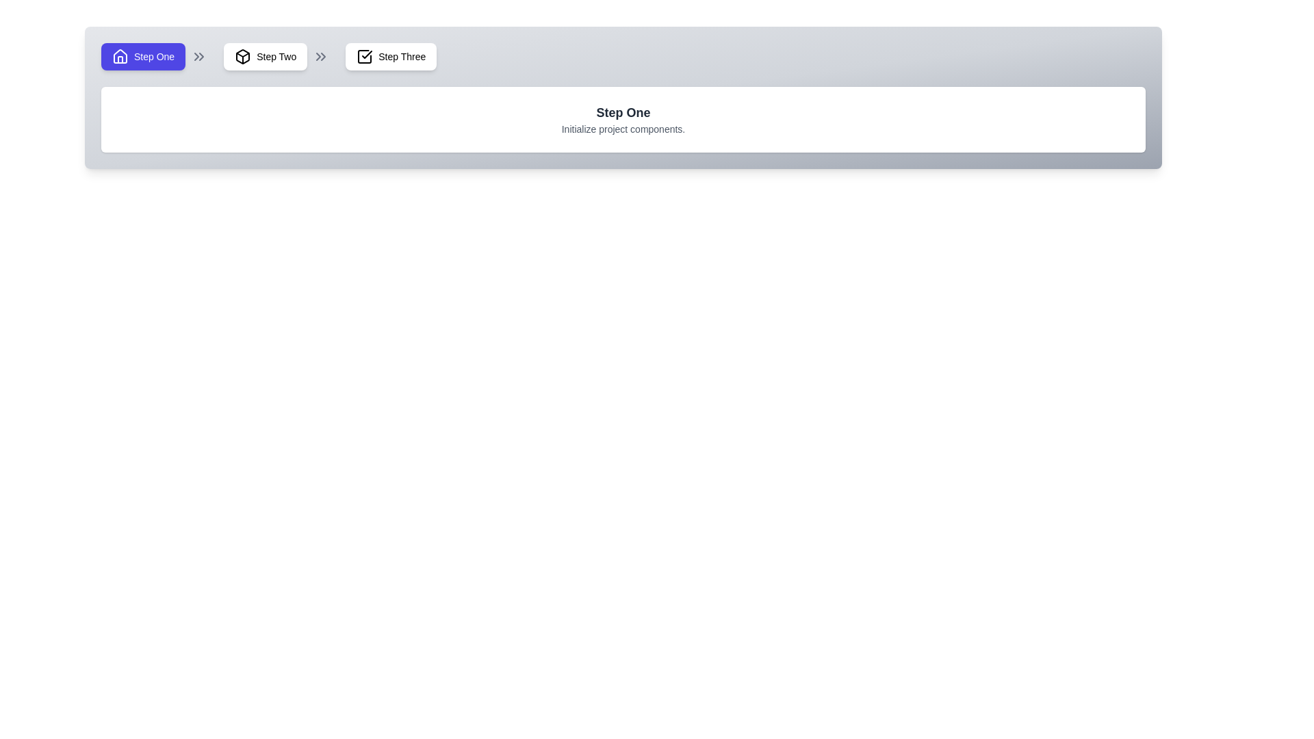 This screenshot has height=739, width=1314. Describe the element at coordinates (318, 56) in the screenshot. I see `the surrounding area of the first right-pointing triangular arrow icon in the top navigation bar, which is positioned between the 'Step Two' and 'Step Three' buttons` at that location.